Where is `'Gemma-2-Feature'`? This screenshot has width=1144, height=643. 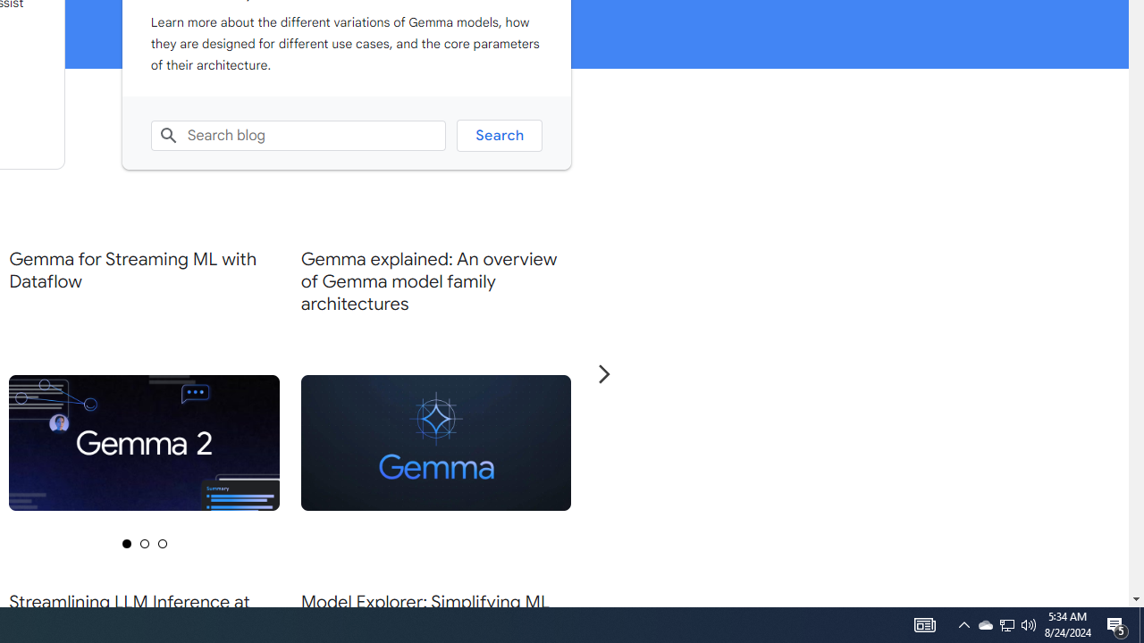
'Gemma-2-Feature' is located at coordinates (144, 442).